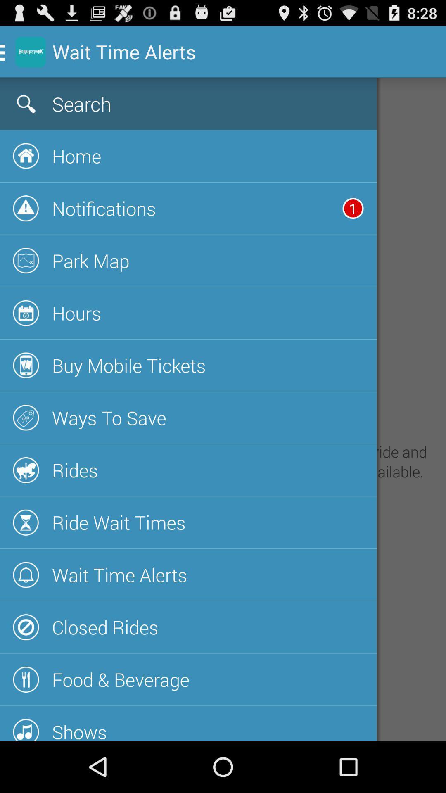 The image size is (446, 793). What do you see at coordinates (26, 470) in the screenshot?
I see `the icon beside rides` at bounding box center [26, 470].